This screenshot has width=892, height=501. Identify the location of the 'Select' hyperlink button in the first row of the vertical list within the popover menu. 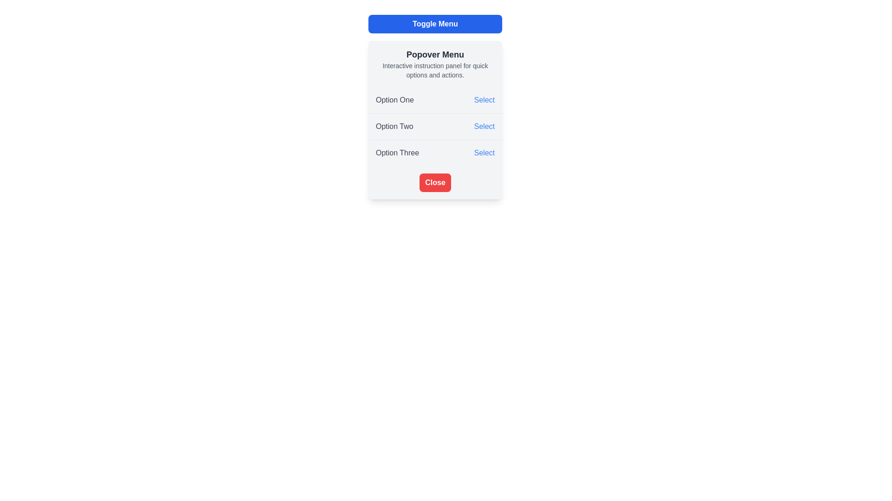
(434, 100).